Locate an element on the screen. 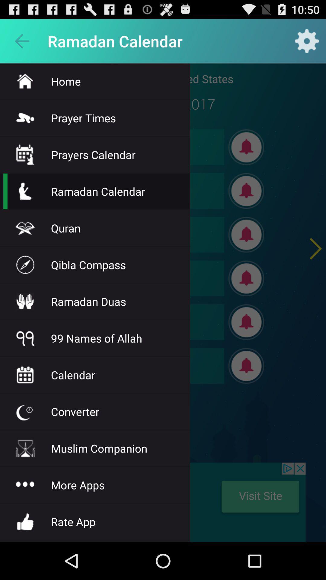 The width and height of the screenshot is (326, 580). the notifications icon is located at coordinates (246, 298).